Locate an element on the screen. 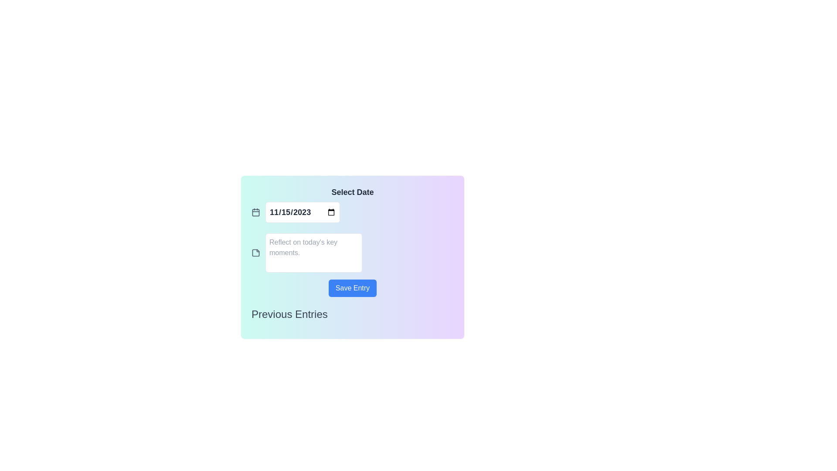  the submit button located below the text area and above the 'Previous Entries' label is located at coordinates (353, 288).